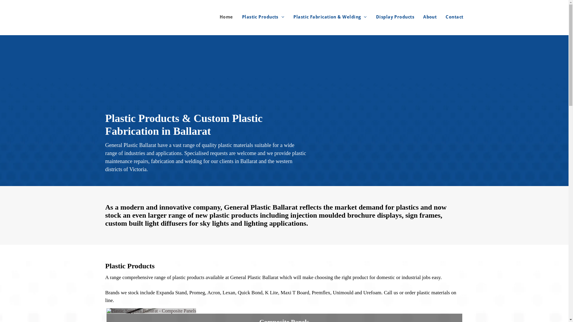 This screenshot has height=322, width=573. What do you see at coordinates (437, 17) in the screenshot?
I see `'Contact'` at bounding box center [437, 17].